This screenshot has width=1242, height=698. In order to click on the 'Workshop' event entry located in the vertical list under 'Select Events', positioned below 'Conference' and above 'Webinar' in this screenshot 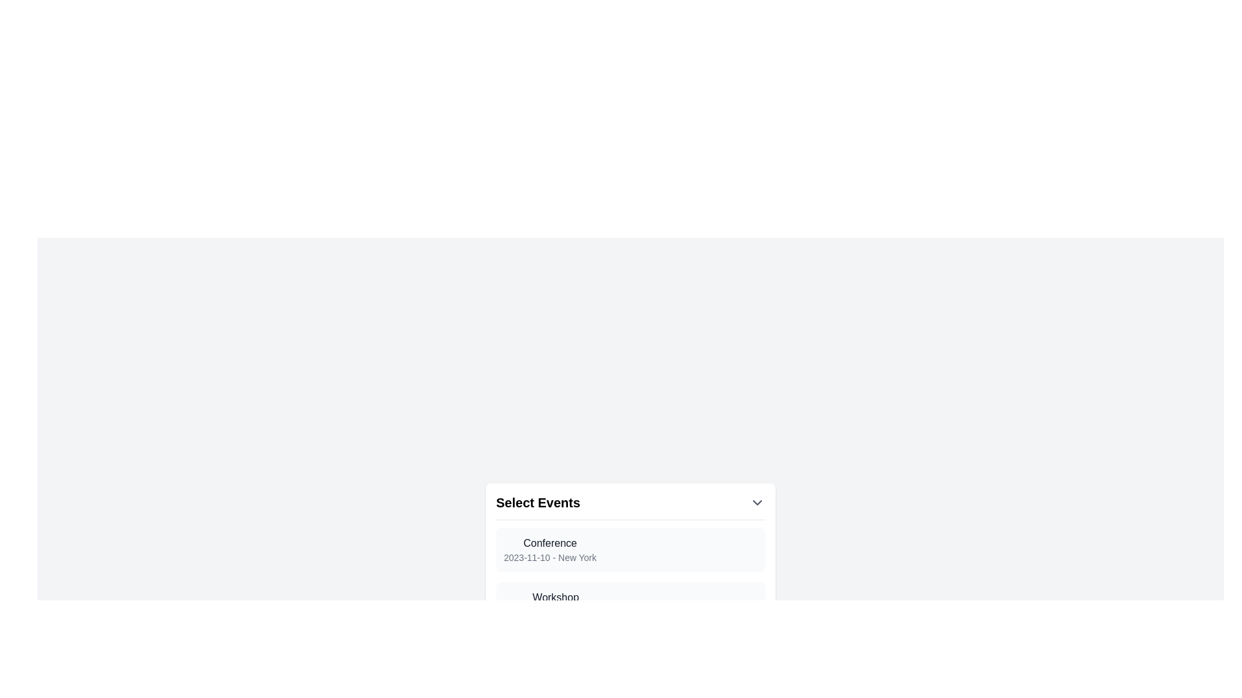, I will do `click(630, 604)`.